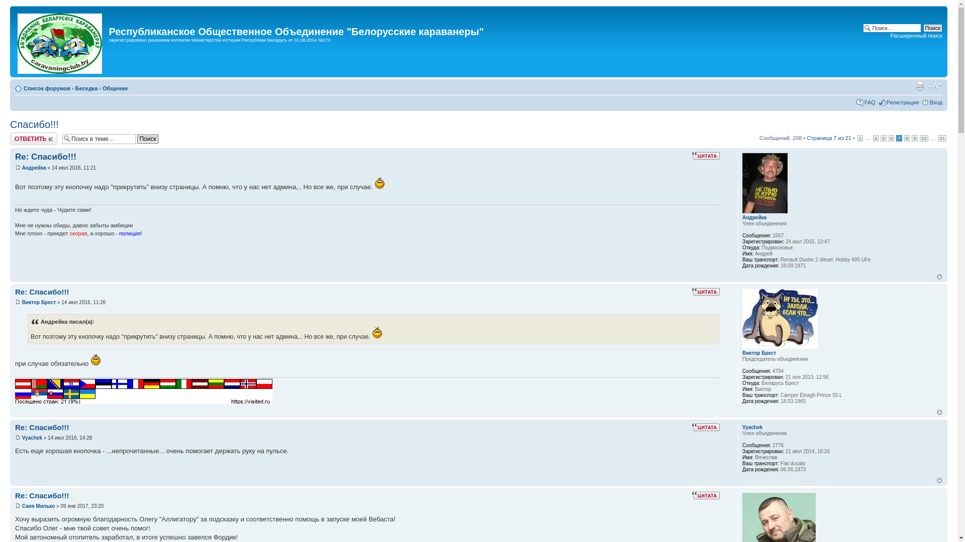 The height and width of the screenshot is (542, 965). Describe the element at coordinates (937, 138) in the screenshot. I see `'21'` at that location.